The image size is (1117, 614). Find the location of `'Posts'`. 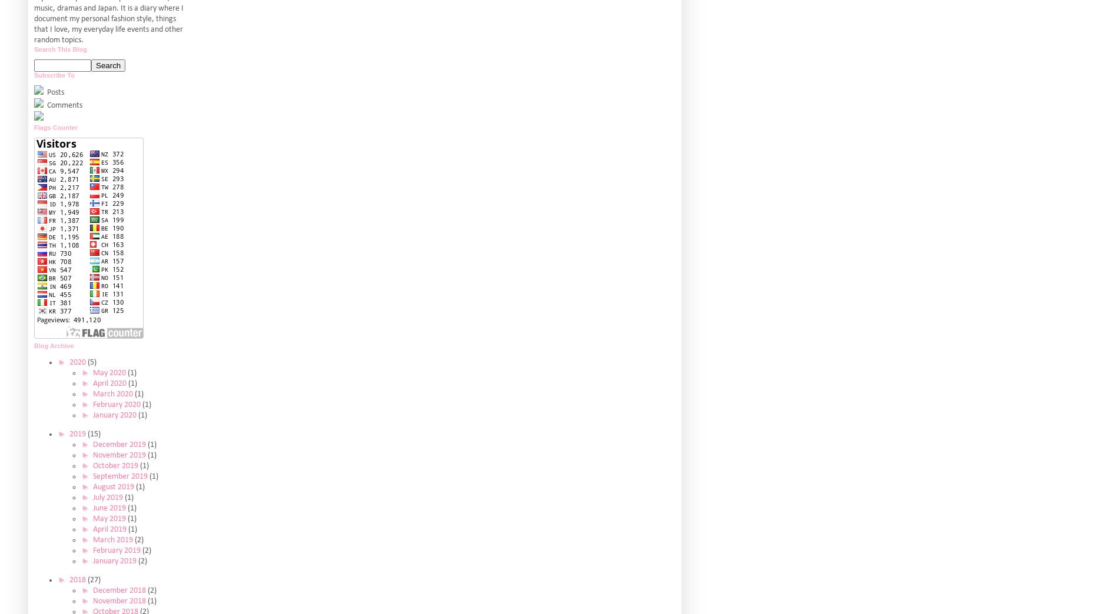

'Posts' is located at coordinates (55, 91).